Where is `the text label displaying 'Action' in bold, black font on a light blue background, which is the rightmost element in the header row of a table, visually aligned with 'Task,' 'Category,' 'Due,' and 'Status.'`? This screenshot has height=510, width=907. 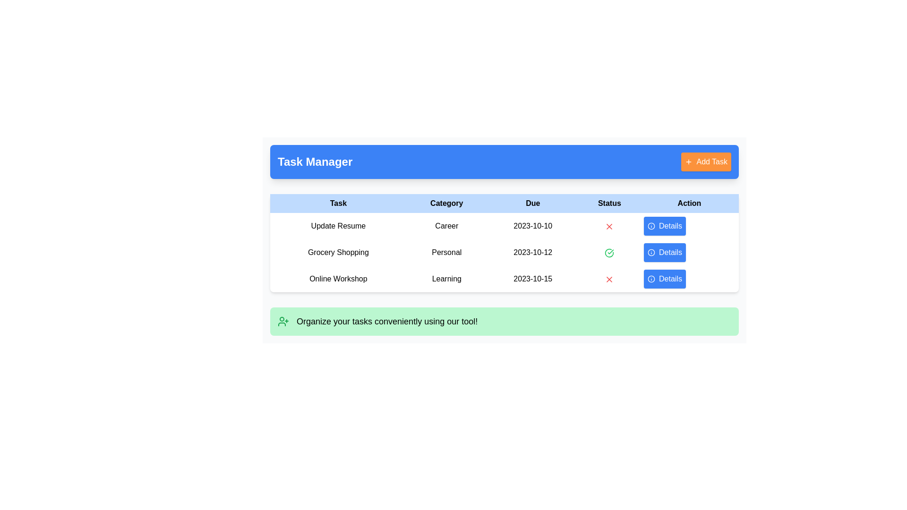 the text label displaying 'Action' in bold, black font on a light blue background, which is the rightmost element in the header row of a table, visually aligned with 'Task,' 'Category,' 'Due,' and 'Status.' is located at coordinates (689, 203).